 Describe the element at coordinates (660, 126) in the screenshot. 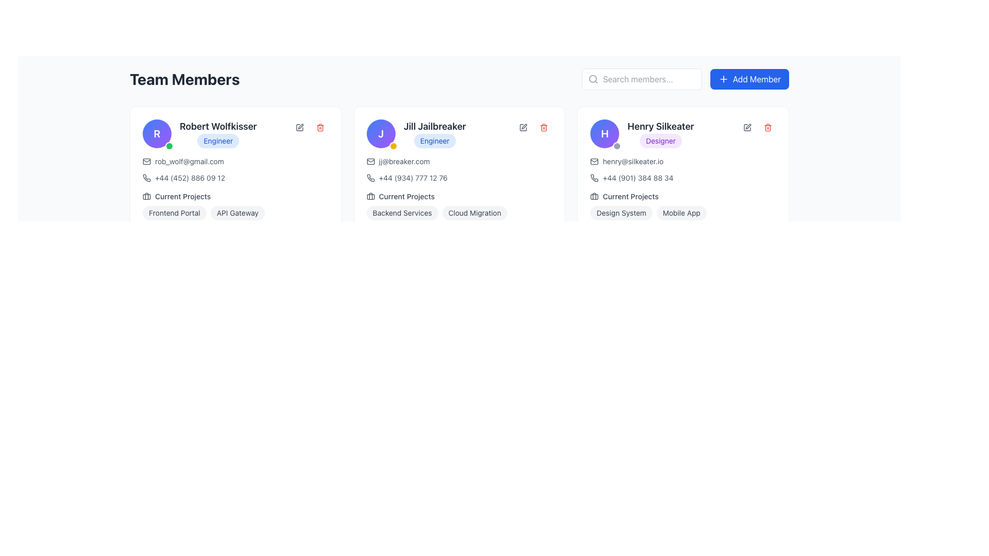

I see `text label displaying 'Henry Silkeater', which is prominently styled in bold and large font, located in the upper region of the card associated with him` at that location.